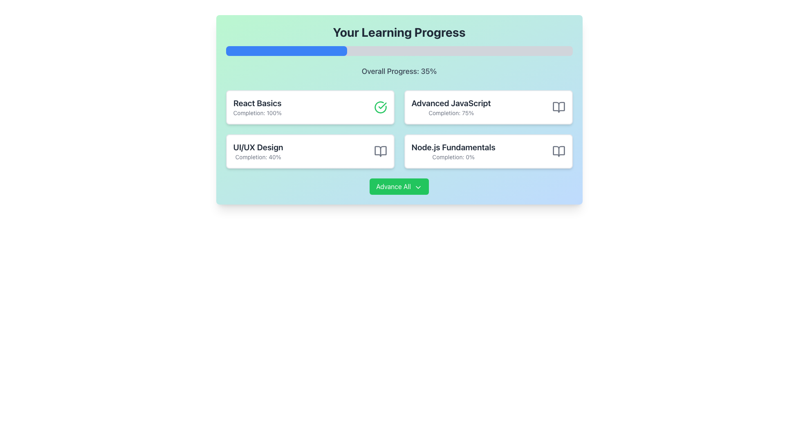 This screenshot has height=441, width=785. What do you see at coordinates (453, 147) in the screenshot?
I see `the label displaying 'Node.js Fundamentals' in bold text located in the bottom-right card of the grid layout` at bounding box center [453, 147].